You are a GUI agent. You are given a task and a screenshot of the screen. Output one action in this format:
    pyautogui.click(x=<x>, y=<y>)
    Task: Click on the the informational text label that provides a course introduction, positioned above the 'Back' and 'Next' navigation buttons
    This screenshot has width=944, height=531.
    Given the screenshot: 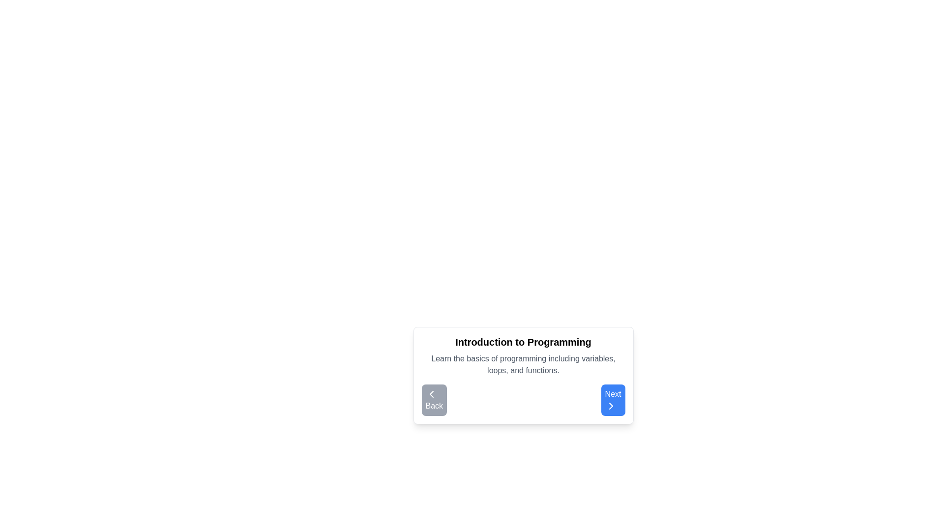 What is the action you would take?
    pyautogui.click(x=523, y=360)
    